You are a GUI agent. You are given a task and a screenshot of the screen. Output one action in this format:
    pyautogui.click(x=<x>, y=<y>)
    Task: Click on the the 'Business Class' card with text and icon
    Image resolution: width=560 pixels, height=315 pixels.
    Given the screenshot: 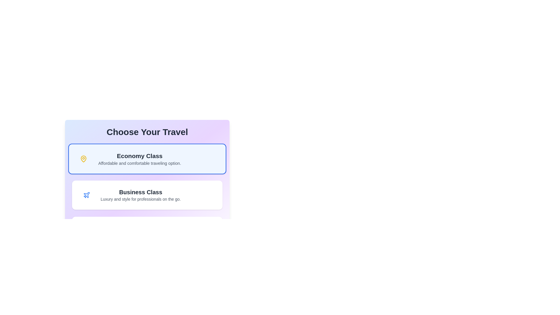 What is the action you would take?
    pyautogui.click(x=147, y=195)
    